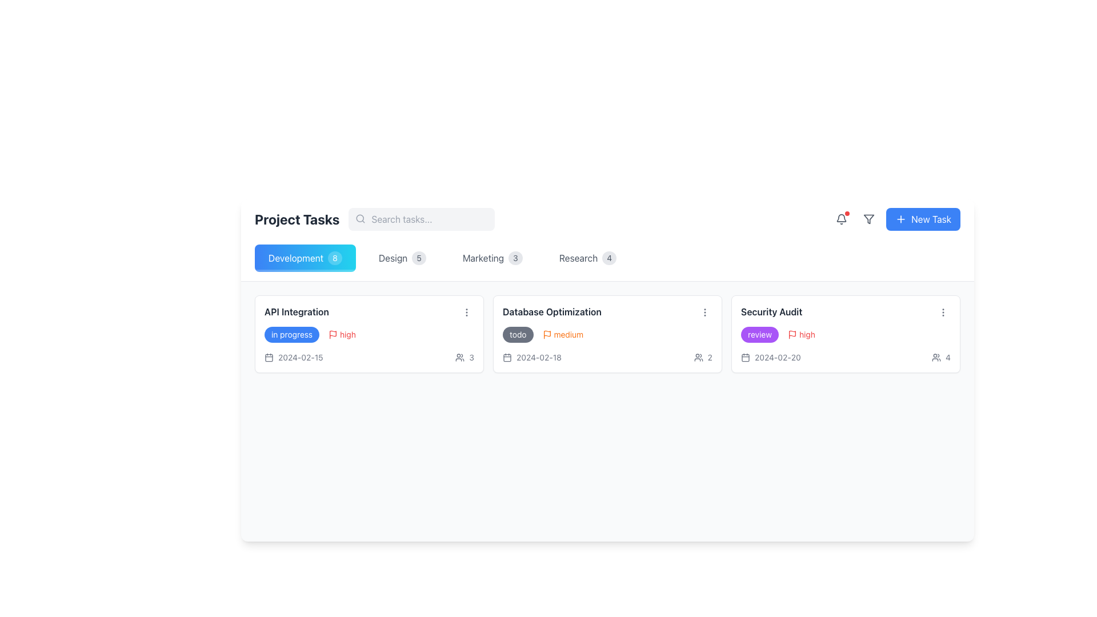  Describe the element at coordinates (568, 334) in the screenshot. I see `the textual label displaying the word 'medium' styled in orange font, located in the middle card titled 'Database Optimization'` at that location.